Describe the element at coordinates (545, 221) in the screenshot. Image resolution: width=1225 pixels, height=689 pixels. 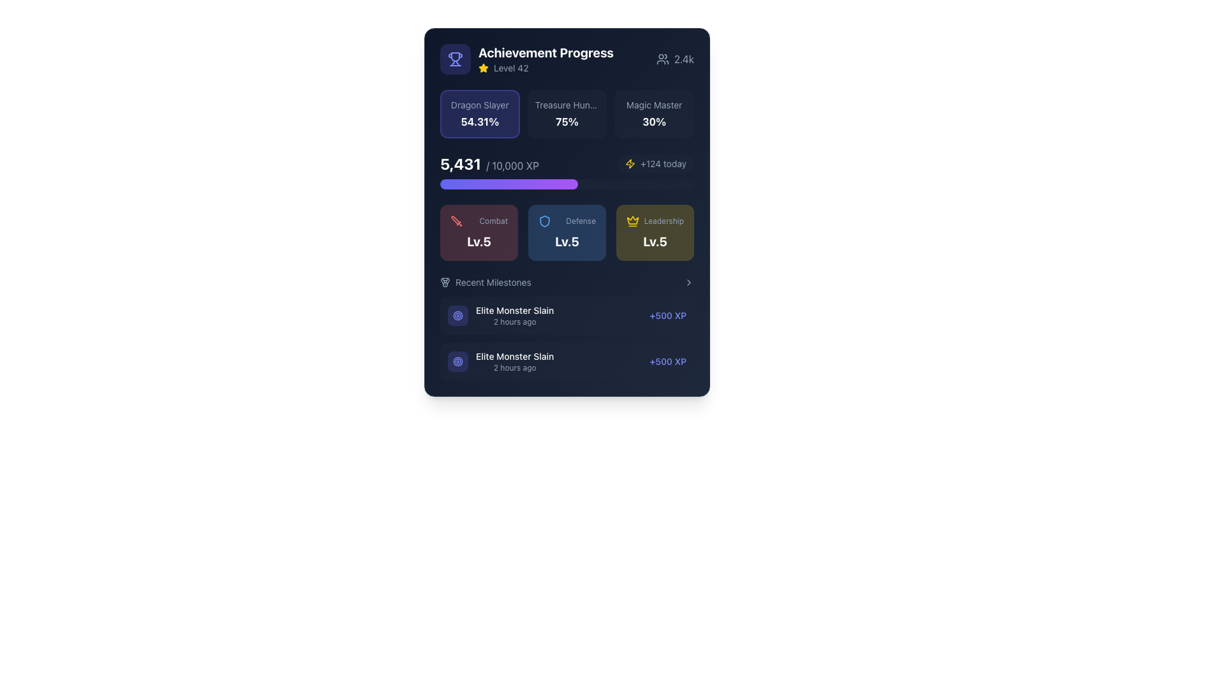
I see `the defense category icon located in the 'Defense Lv.5' section of the card layout` at that location.